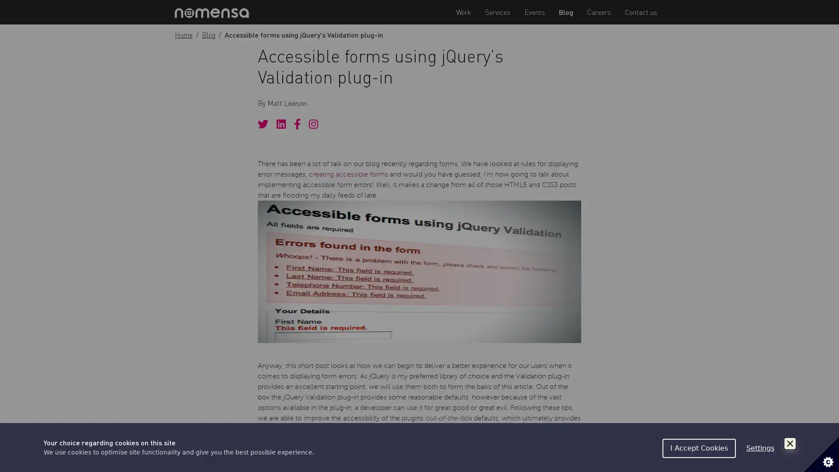 The height and width of the screenshot is (472, 839). What do you see at coordinates (790, 443) in the screenshot?
I see `Close Cookie Control` at bounding box center [790, 443].